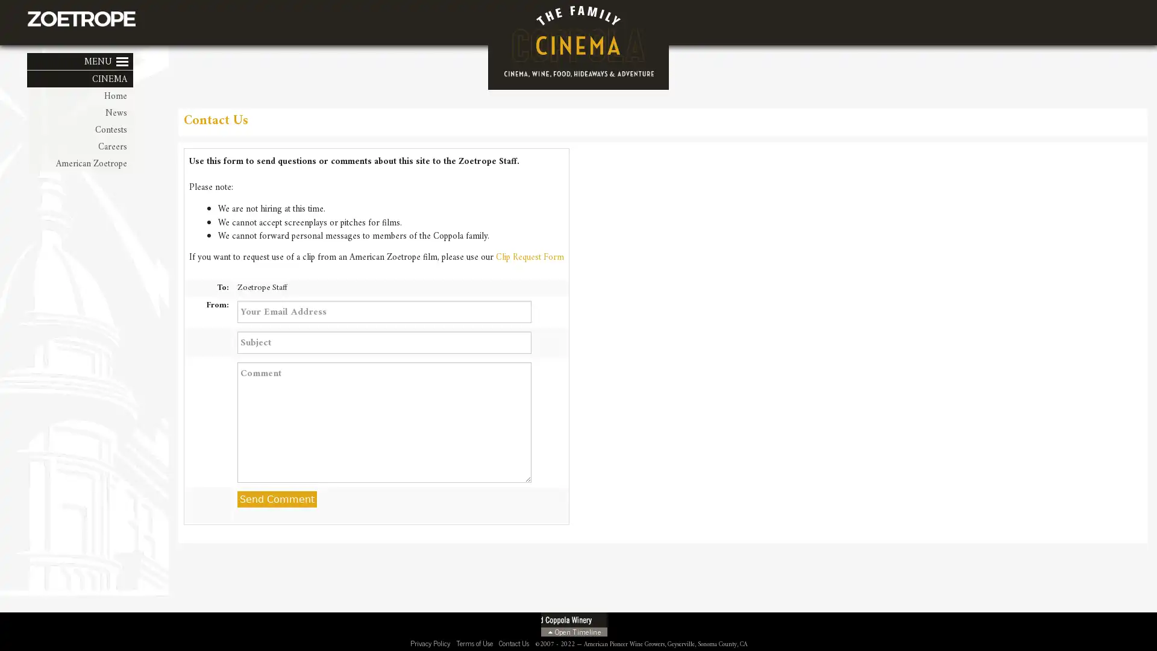 This screenshot has height=651, width=1157. I want to click on Send Comment, so click(276, 499).